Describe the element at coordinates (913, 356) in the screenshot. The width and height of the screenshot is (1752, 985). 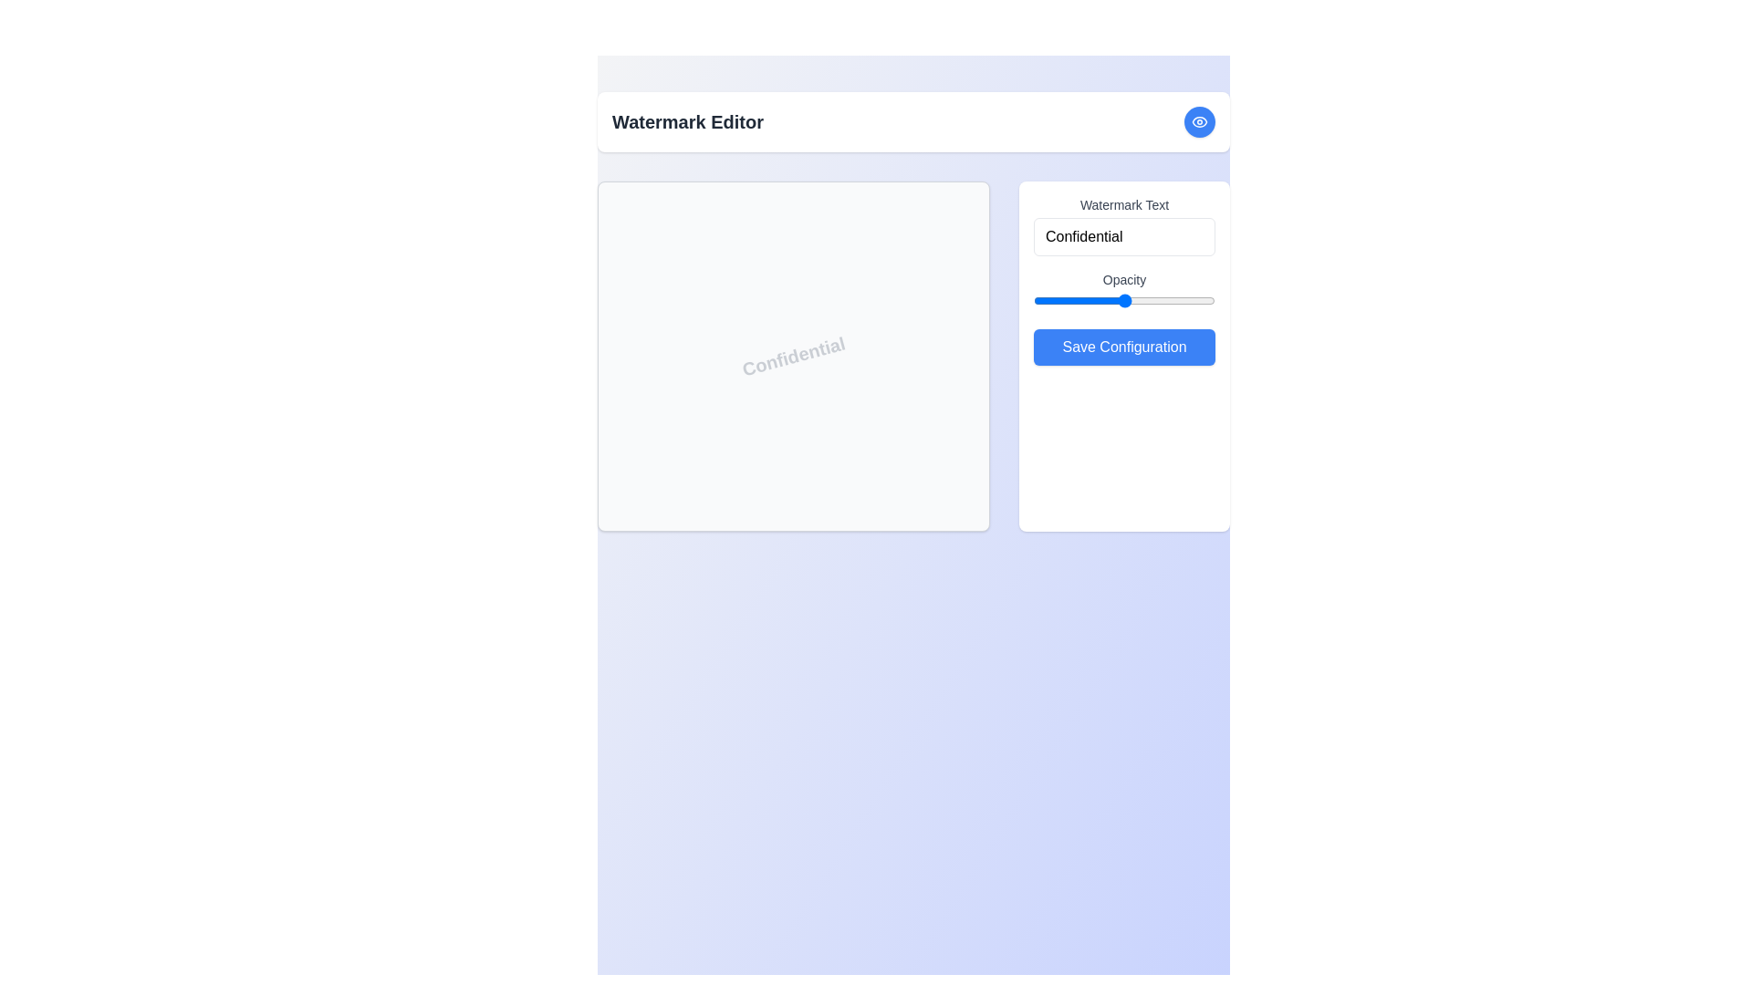
I see `the interactive Display area or viewport with a white background and 'Confidential' watermark, located under the 'Watermark Editor' title` at that location.